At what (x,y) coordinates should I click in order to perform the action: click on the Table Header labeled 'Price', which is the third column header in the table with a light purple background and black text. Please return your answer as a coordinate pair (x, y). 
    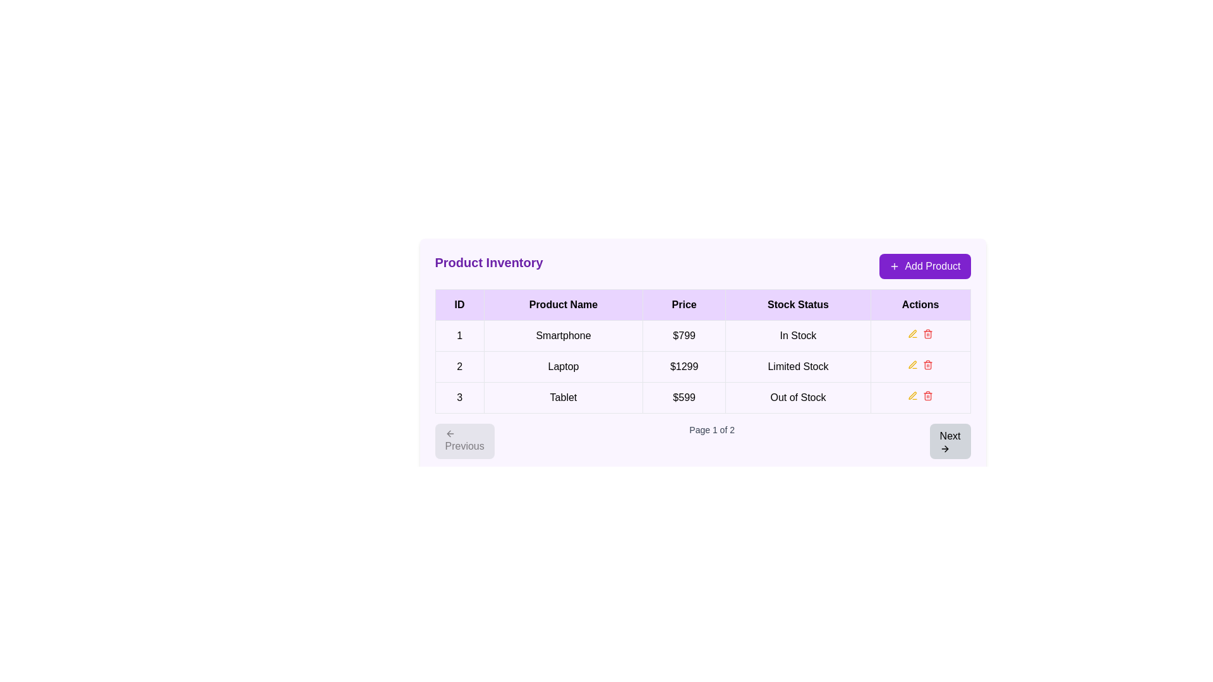
    Looking at the image, I should click on (684, 304).